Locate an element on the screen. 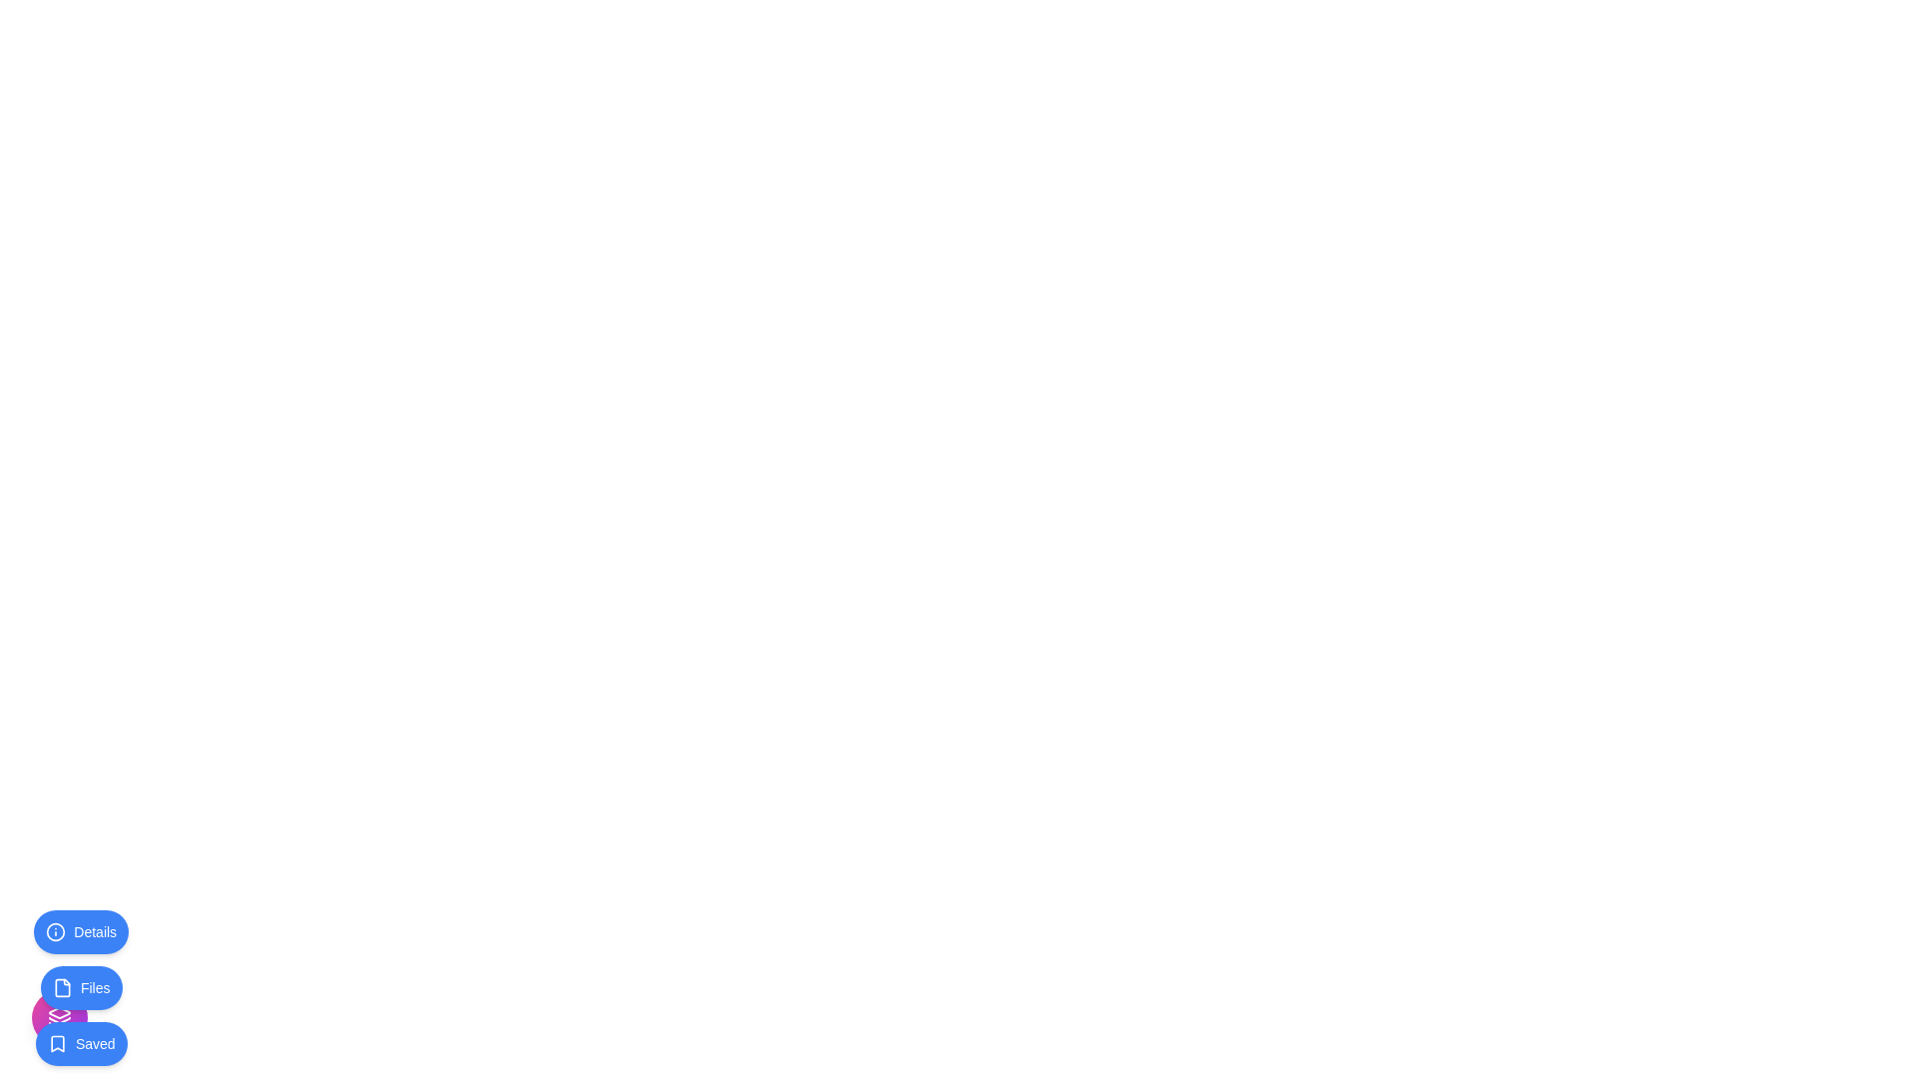 This screenshot has width=1916, height=1078. the file document icon located within the blue circular button labeled 'Files' is located at coordinates (62, 988).